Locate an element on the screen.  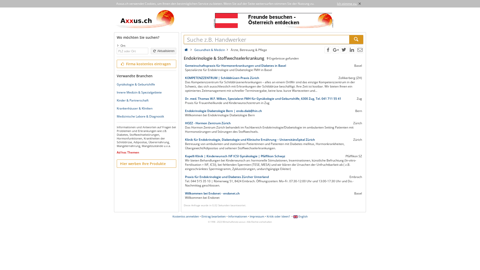
'Medizinische Labore & Diagnostik' is located at coordinates (140, 116).